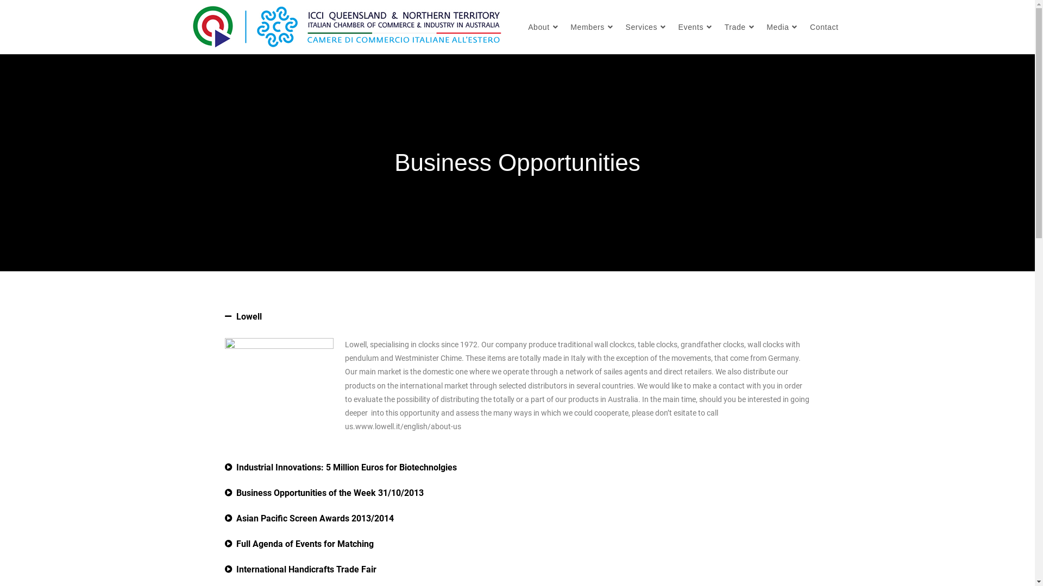 The image size is (1043, 586). Describe the element at coordinates (824, 27) in the screenshot. I see `'Contact'` at that location.